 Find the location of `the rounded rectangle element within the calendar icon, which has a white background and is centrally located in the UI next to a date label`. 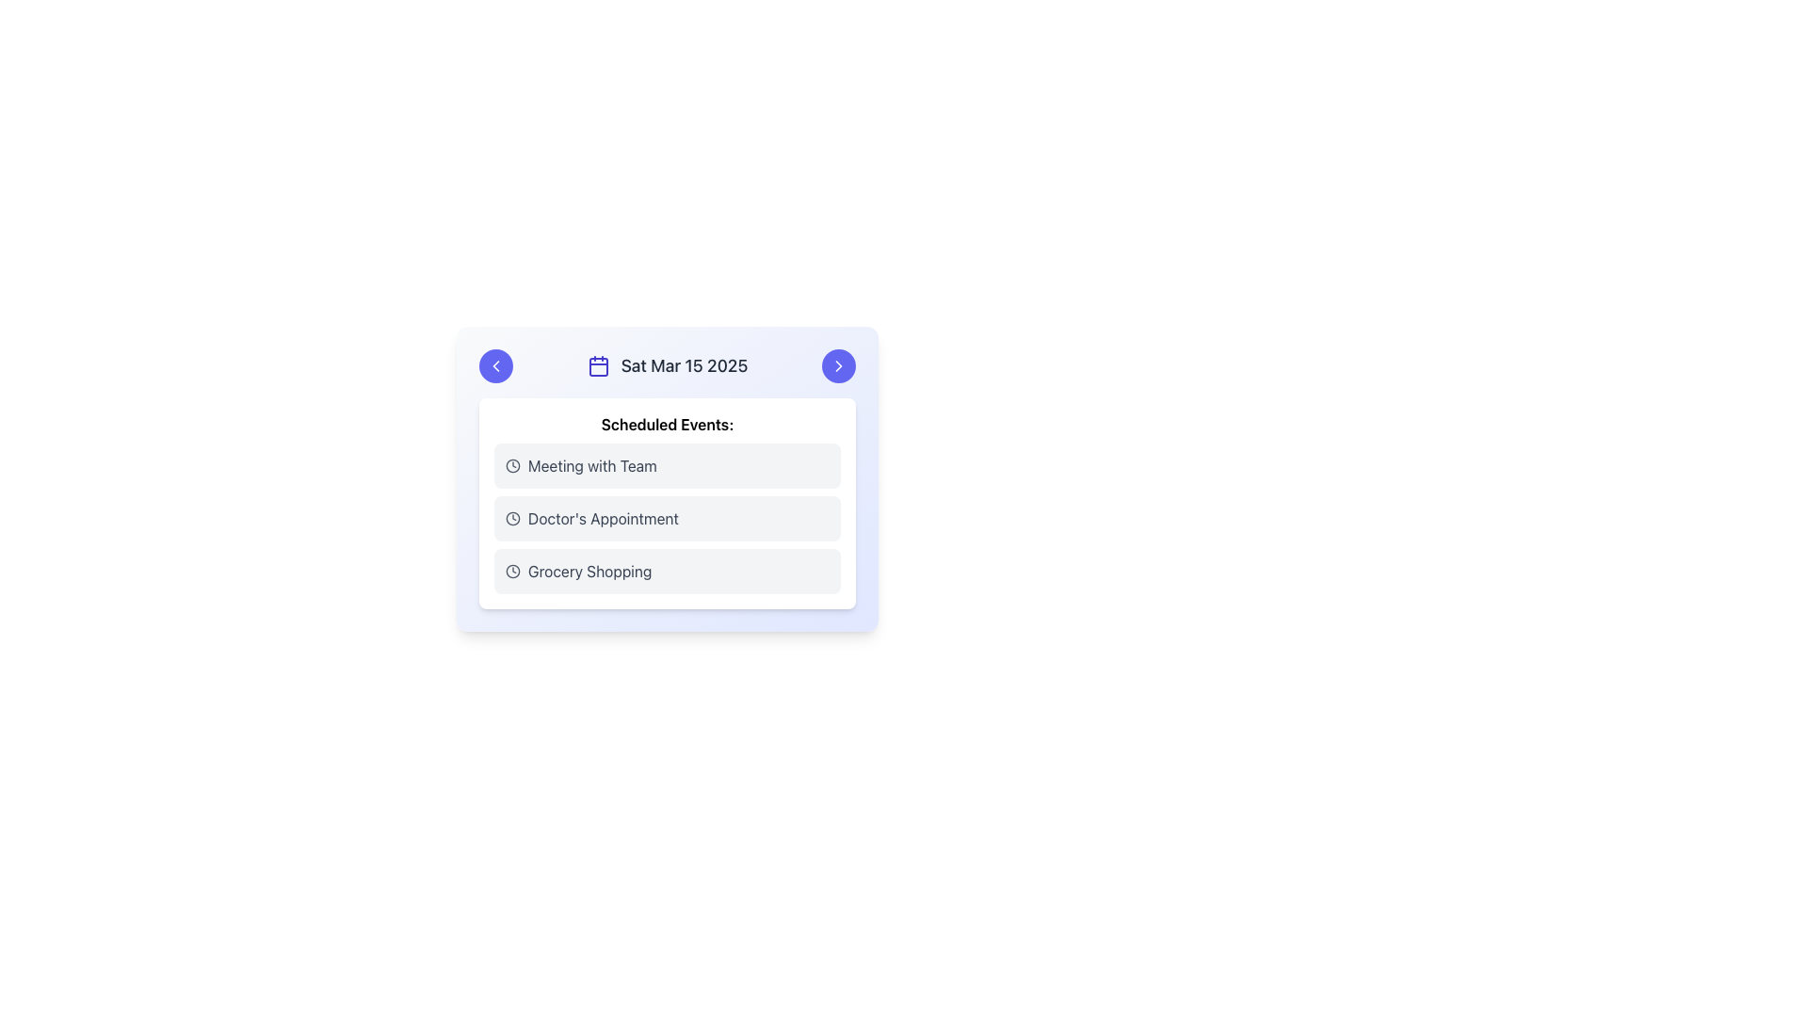

the rounded rectangle element within the calendar icon, which has a white background and is centrally located in the UI next to a date label is located at coordinates (597, 366).